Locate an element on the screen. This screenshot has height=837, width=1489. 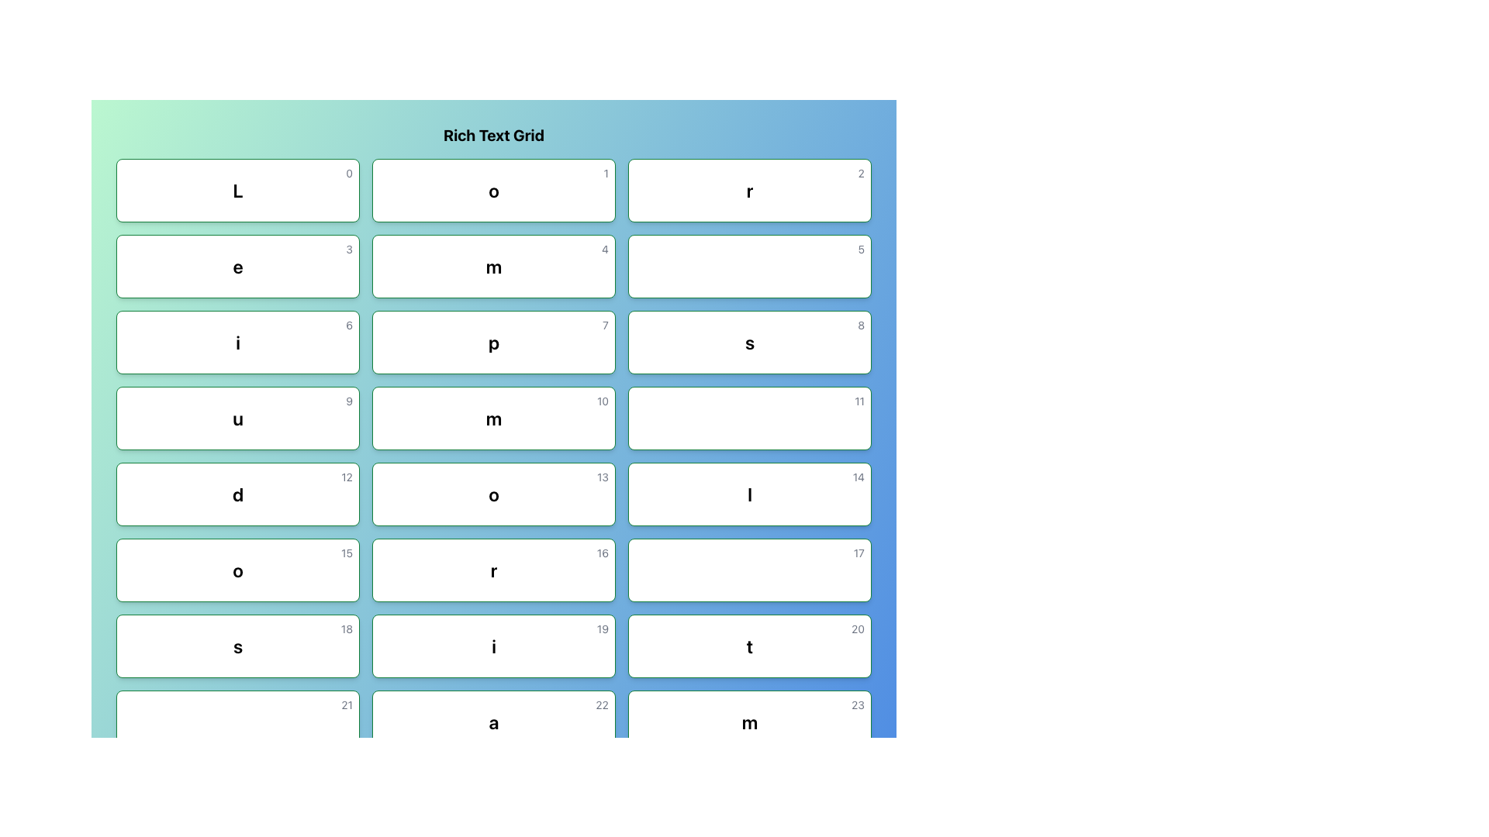
the text element displaying the letter 'd', located in the twelfth block of a grid layout is located at coordinates (237, 494).